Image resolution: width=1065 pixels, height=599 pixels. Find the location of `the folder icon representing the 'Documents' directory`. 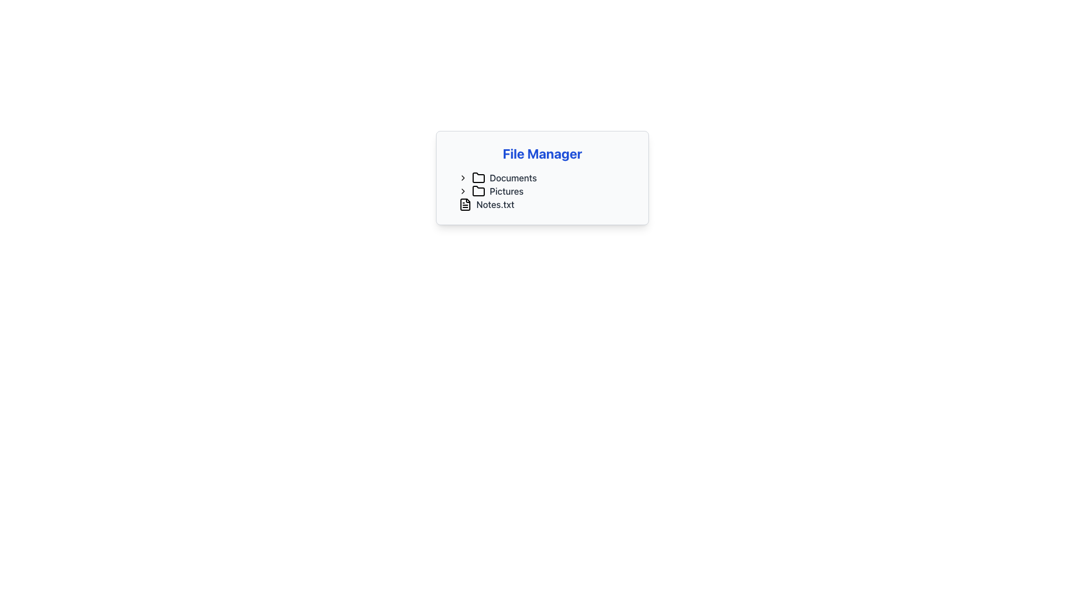

the folder icon representing the 'Documents' directory is located at coordinates (479, 177).